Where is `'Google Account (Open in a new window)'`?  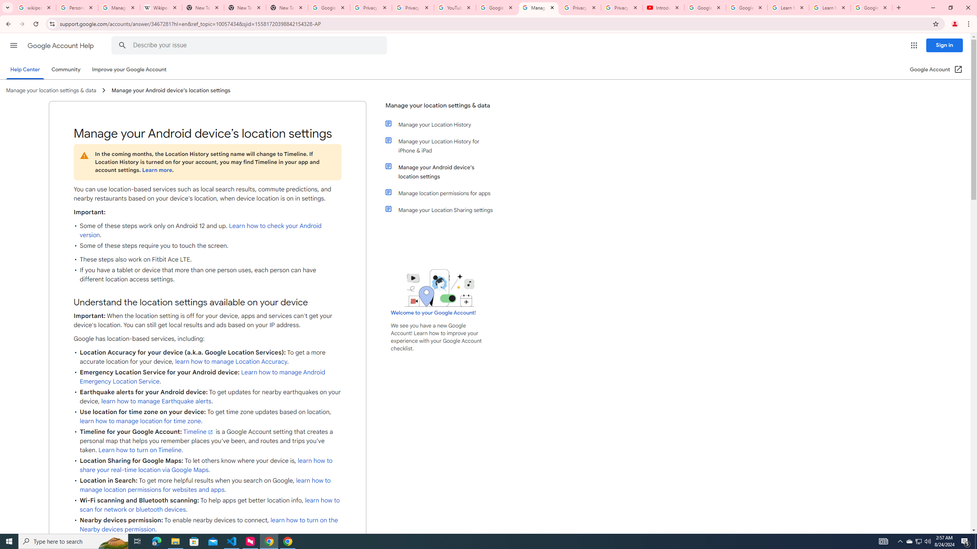 'Google Account (Open in a new window)' is located at coordinates (936, 69).